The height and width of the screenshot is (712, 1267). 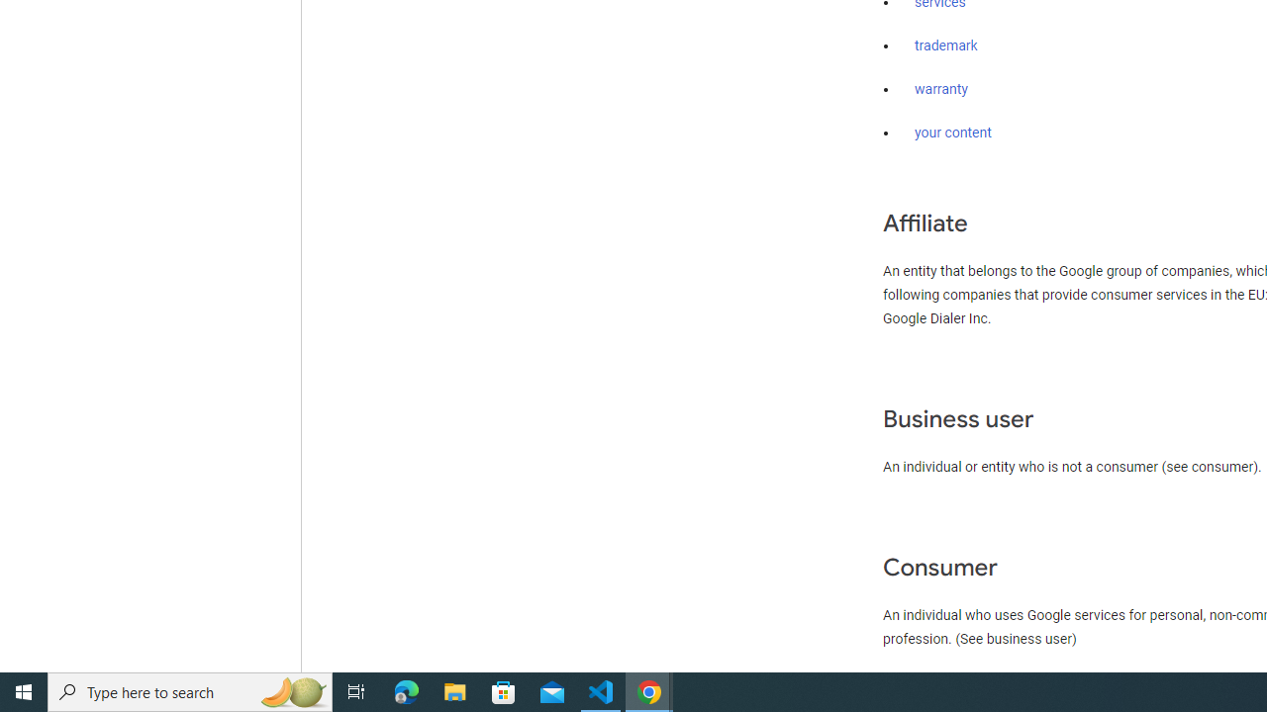 I want to click on 'your content', so click(x=953, y=133).